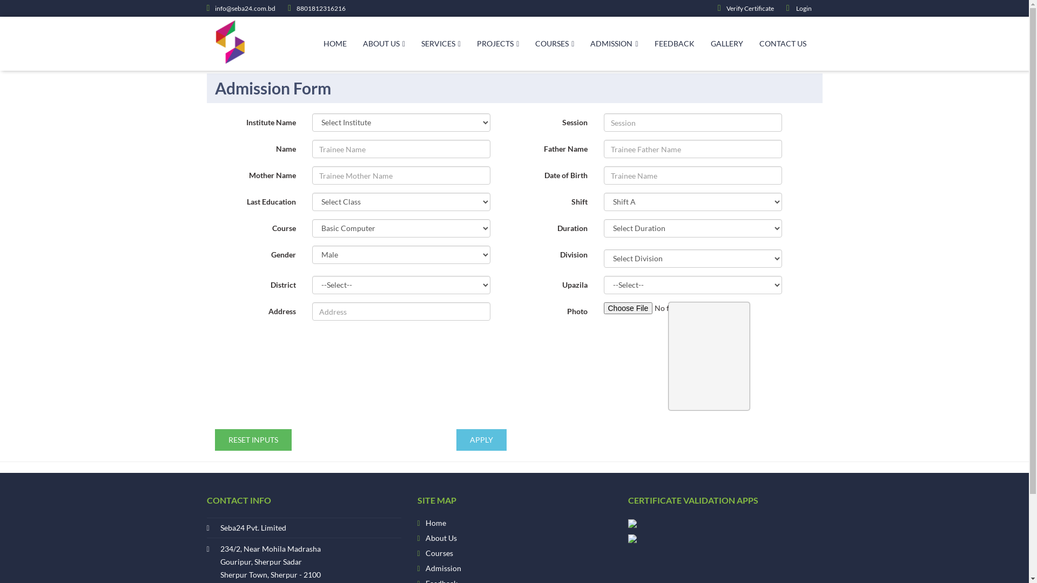 The height and width of the screenshot is (583, 1037). Describe the element at coordinates (786, 8) in the screenshot. I see `'Login'` at that location.